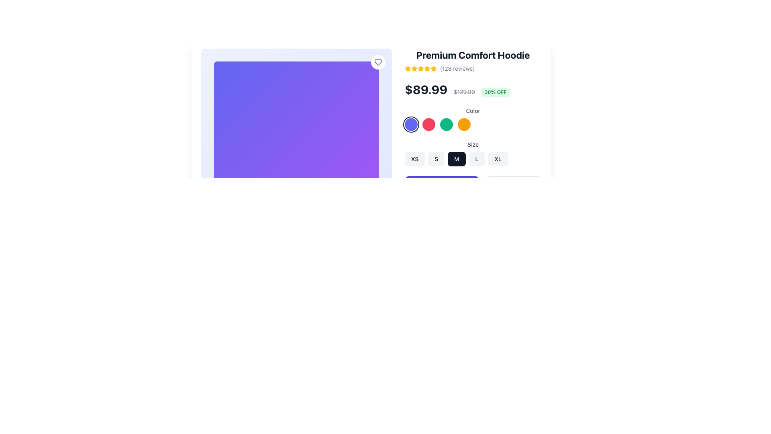  I want to click on text indicating the number of user reviews for the product, which is located to the right of the star icons in the top-right section of the product information, so click(457, 68).